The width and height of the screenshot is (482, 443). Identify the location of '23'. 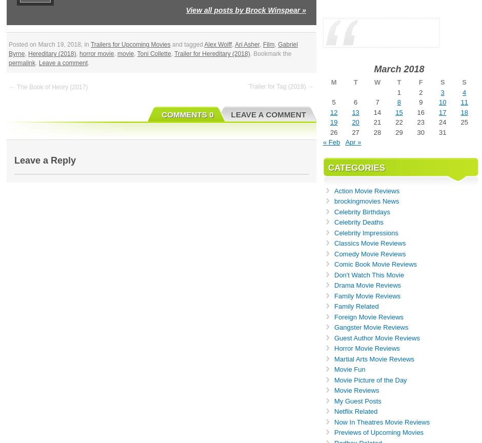
(420, 122).